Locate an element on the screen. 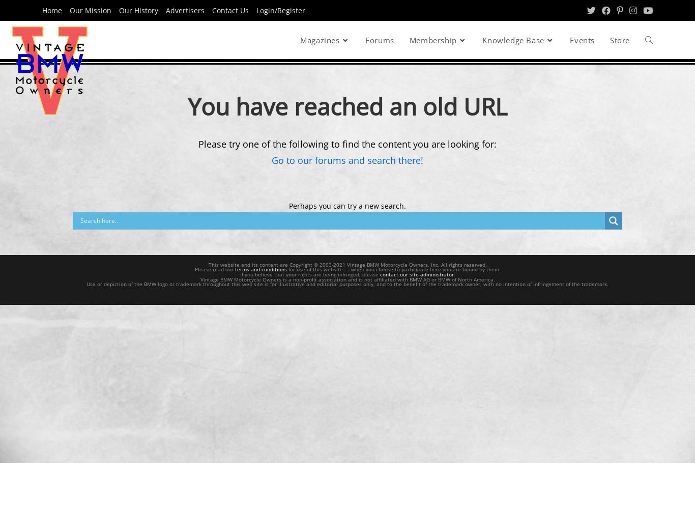  'This website and its content are Copyright © 2003-2021 Vintage BMW Motorcycle Owners, Inc. All rights reserved.' is located at coordinates (346, 264).